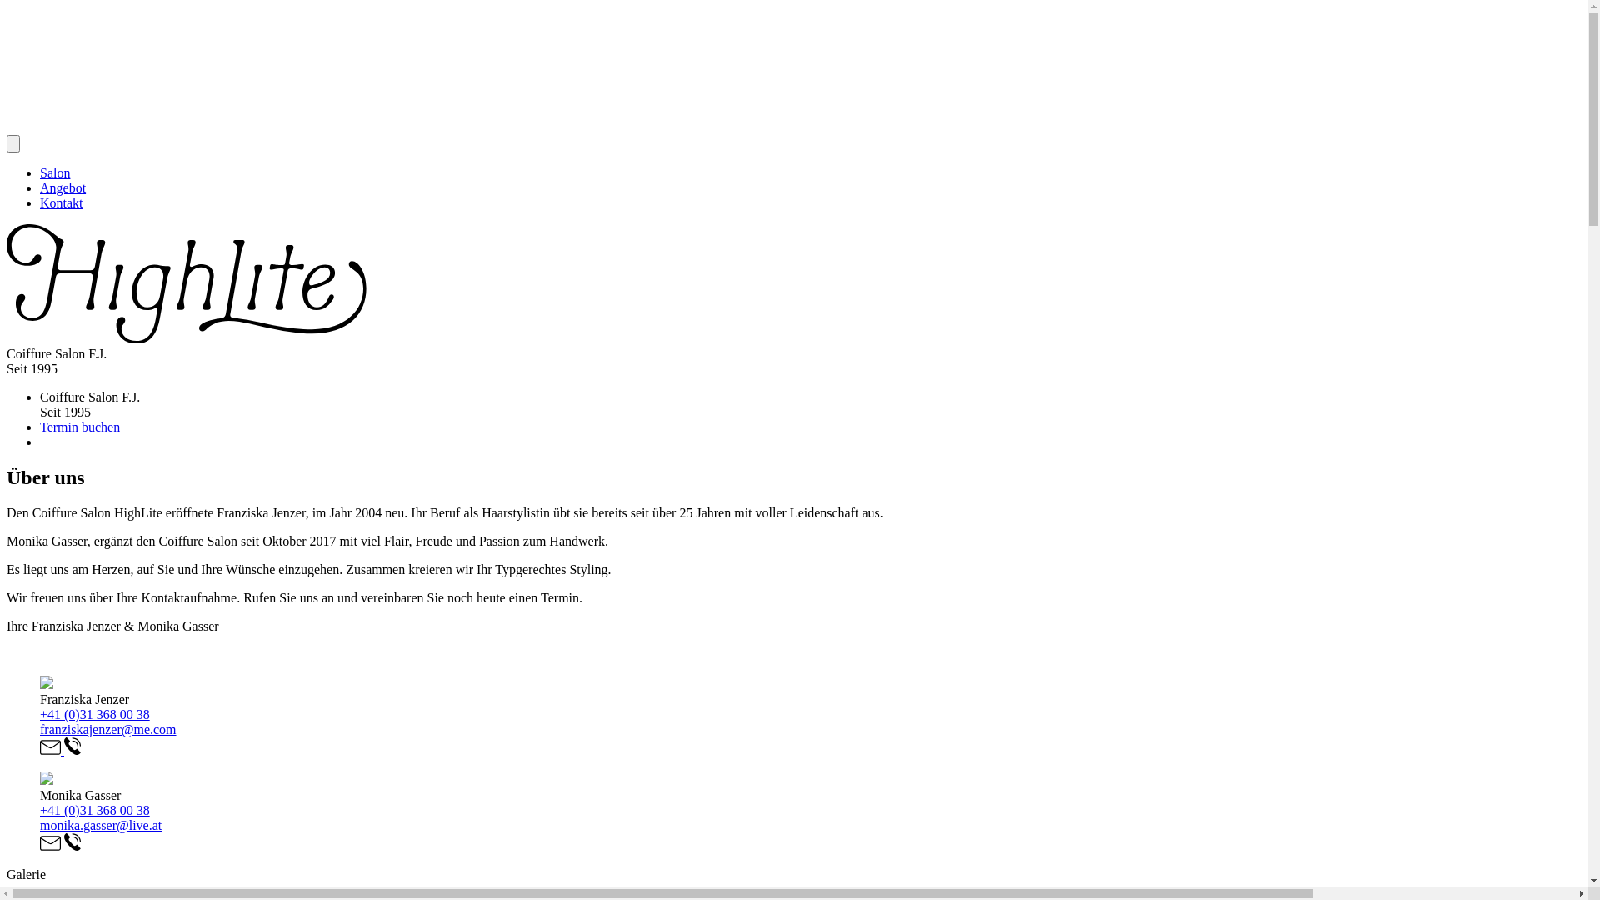 The height and width of the screenshot is (900, 1600). Describe the element at coordinates (52, 846) in the screenshot. I see `'E-Mail Monika Gasser'` at that location.